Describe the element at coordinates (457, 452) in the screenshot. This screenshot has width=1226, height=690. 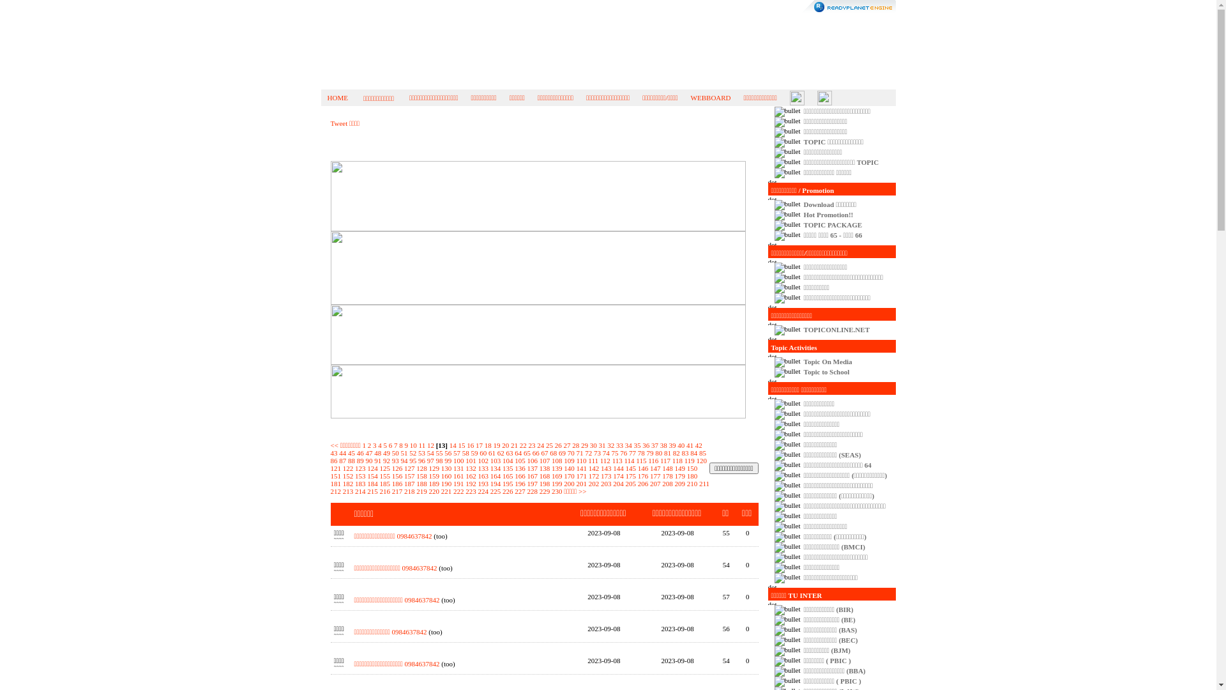
I see `'57'` at that location.